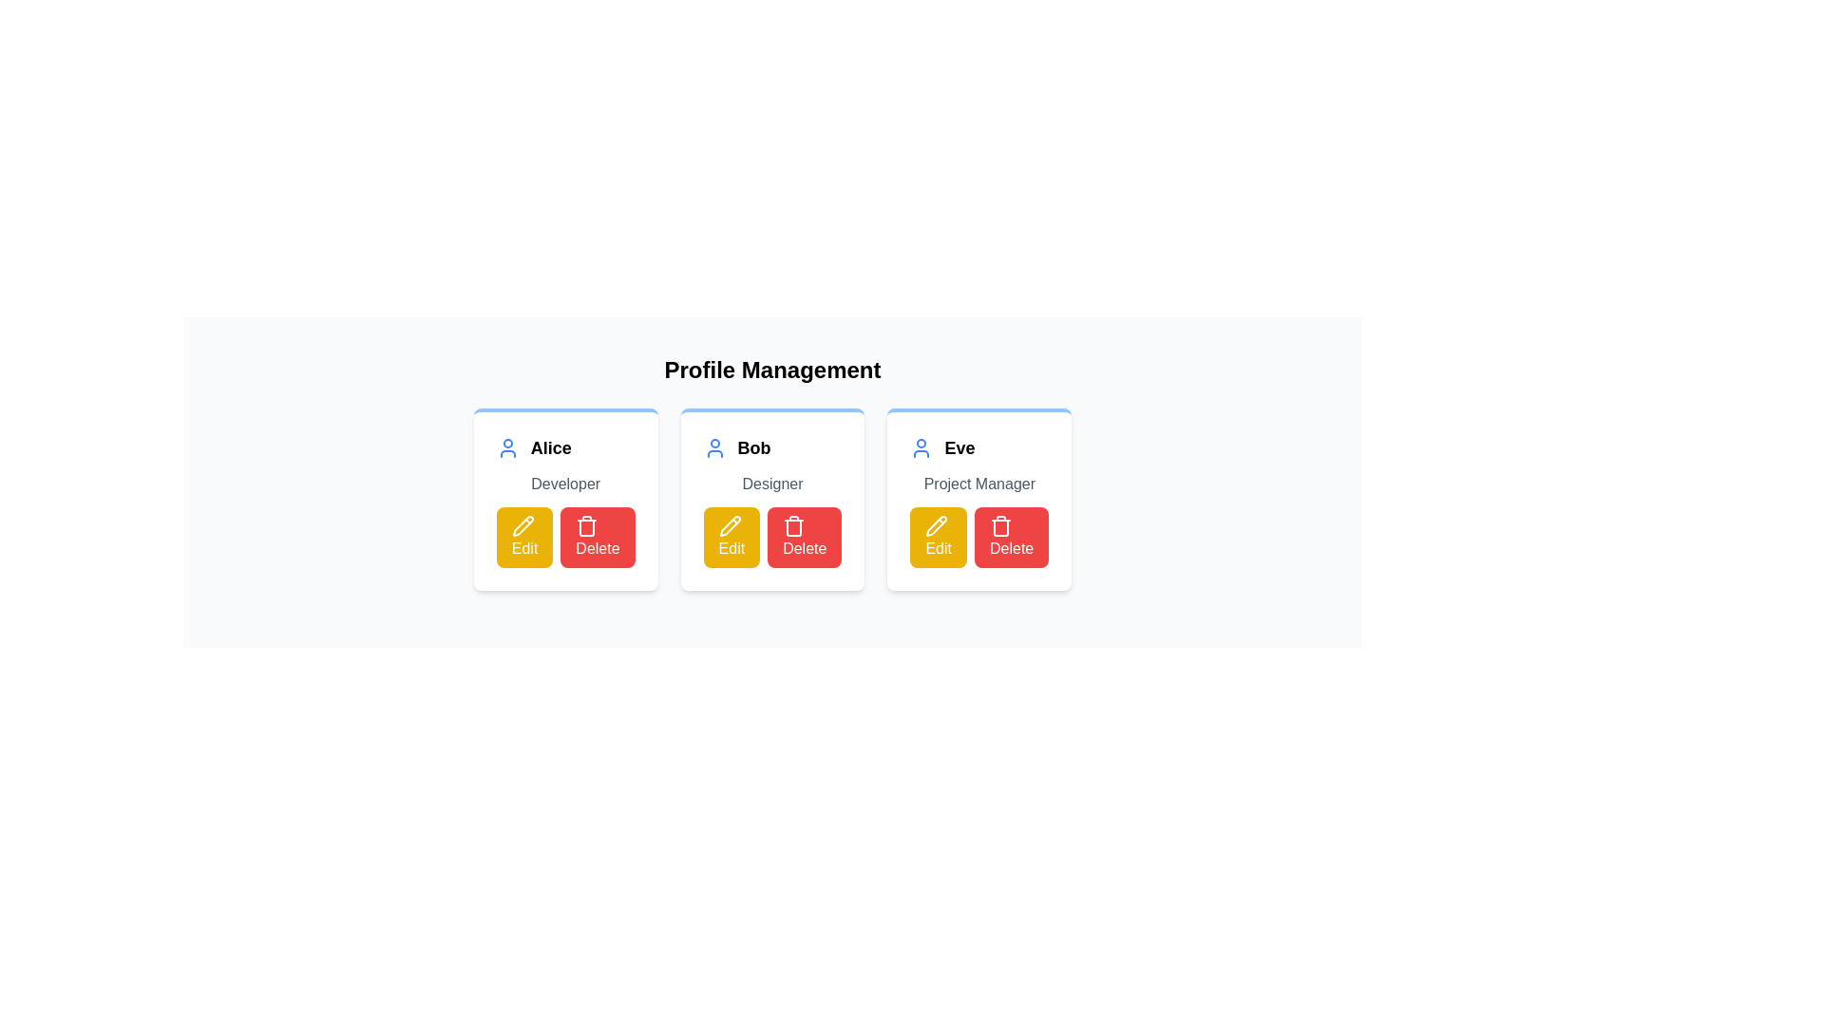 The image size is (1824, 1026). Describe the element at coordinates (939, 538) in the screenshot. I see `the 'Edit' button with a yellow background and a pencil icon to potentially reveal a tooltip` at that location.